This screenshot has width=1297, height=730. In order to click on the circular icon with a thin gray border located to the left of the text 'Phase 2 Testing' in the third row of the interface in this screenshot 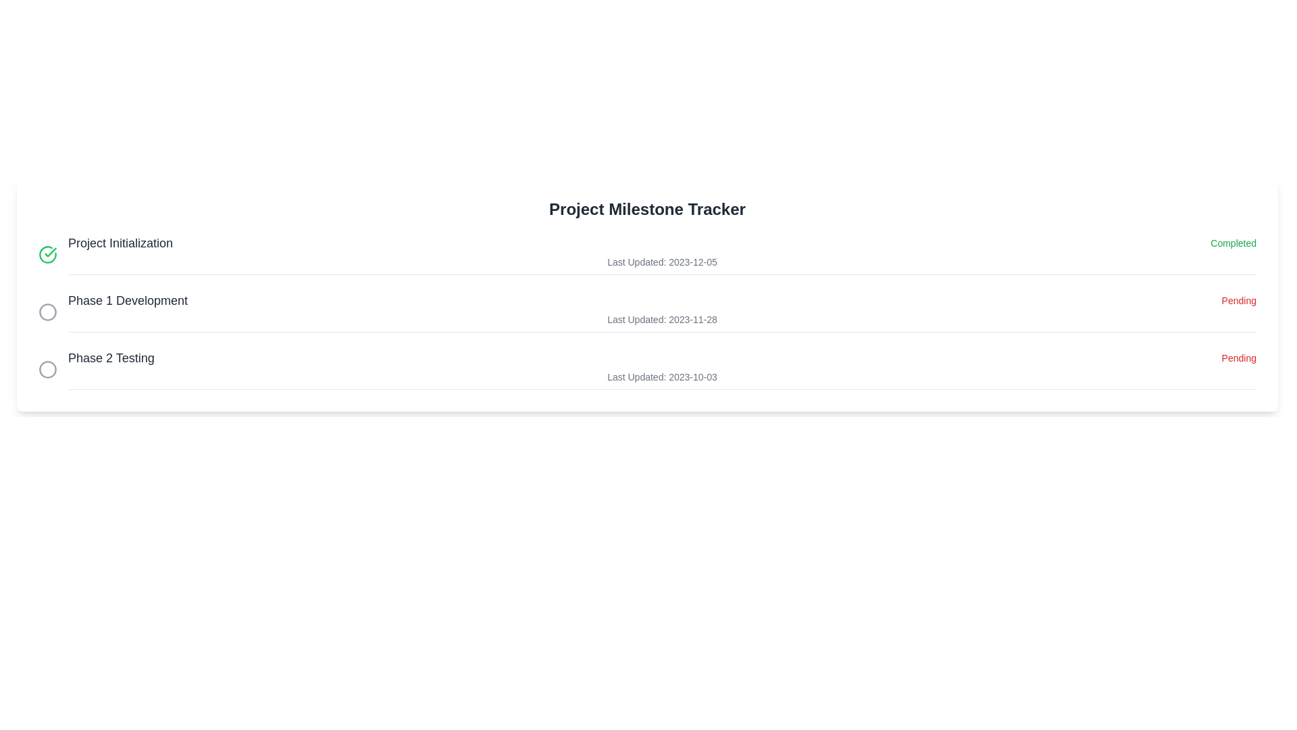, I will do `click(48, 369)`.